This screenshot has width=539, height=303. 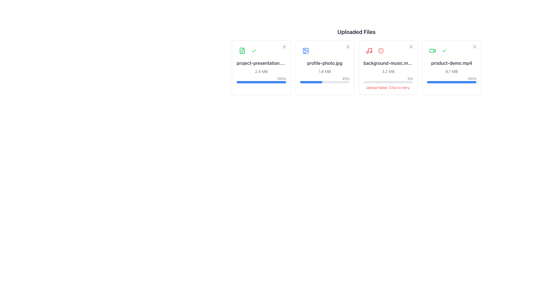 I want to click on the text label displaying the size of a file, which is styled with a small font size and a gray color, located within a card containing details about a file download, so click(x=261, y=71).